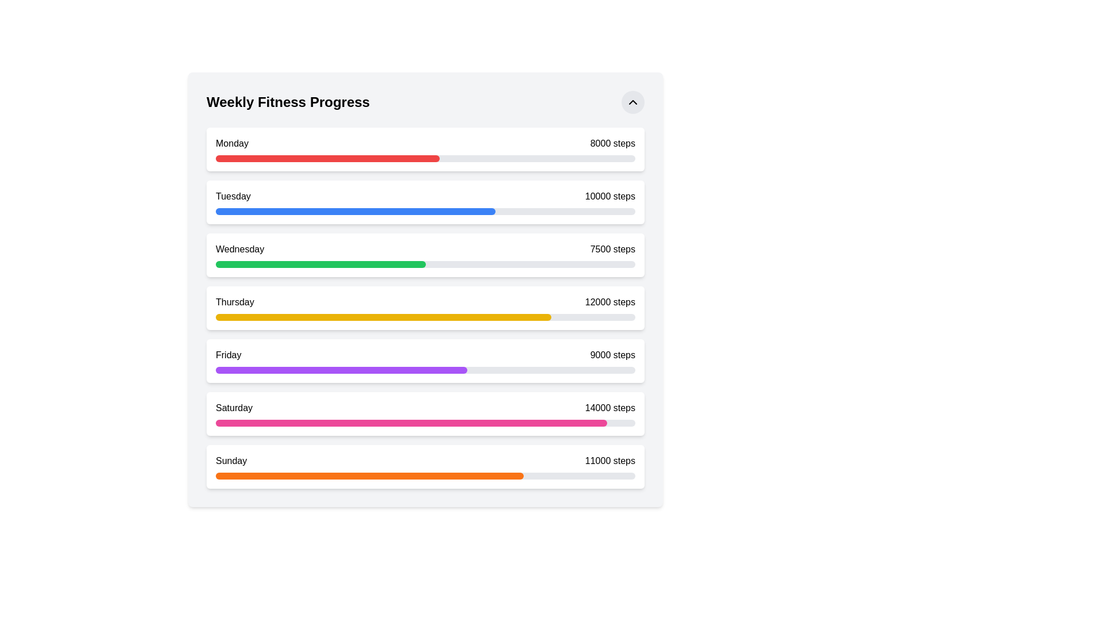  Describe the element at coordinates (369, 476) in the screenshot. I see `the vibrant orange progress indicator within the 'Weekly Fitness Progress' section corresponding to 'Sunday'` at that location.